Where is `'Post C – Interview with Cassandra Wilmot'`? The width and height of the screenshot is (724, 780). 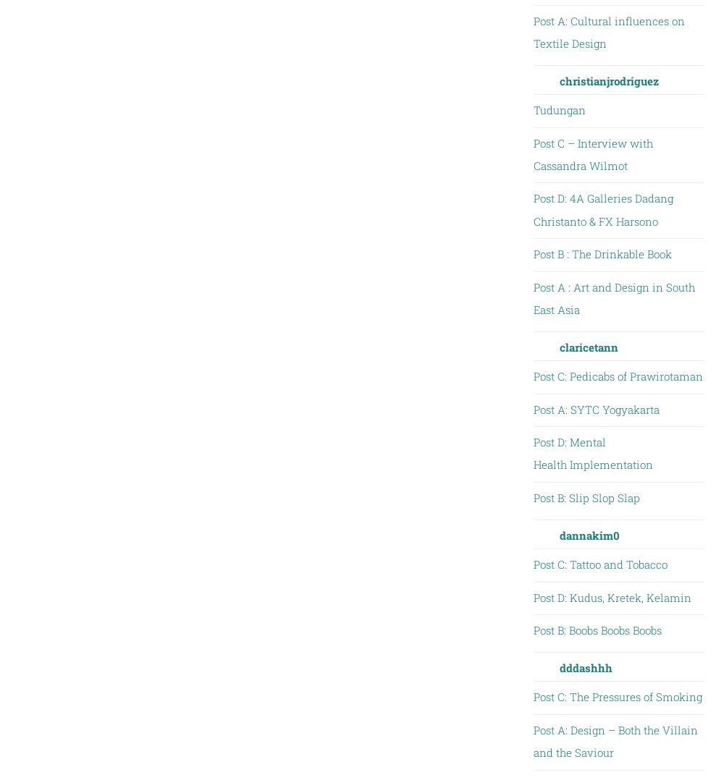 'Post C – Interview with Cassandra Wilmot' is located at coordinates (592, 154).